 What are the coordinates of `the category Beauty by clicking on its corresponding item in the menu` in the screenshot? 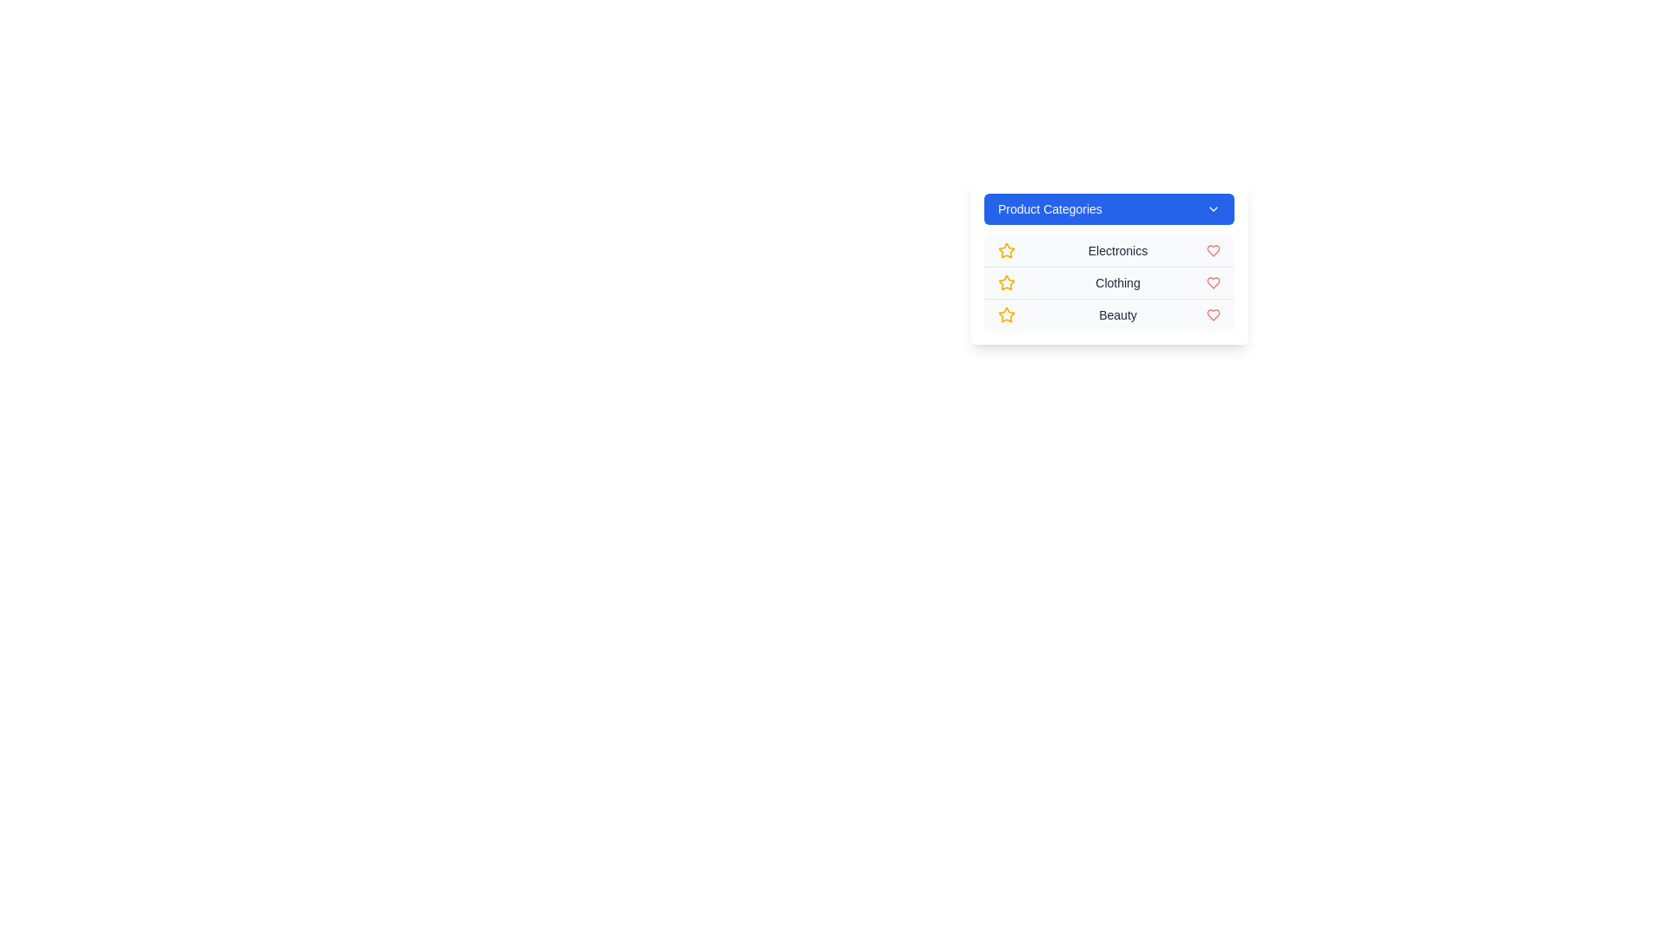 It's located at (1108, 314).